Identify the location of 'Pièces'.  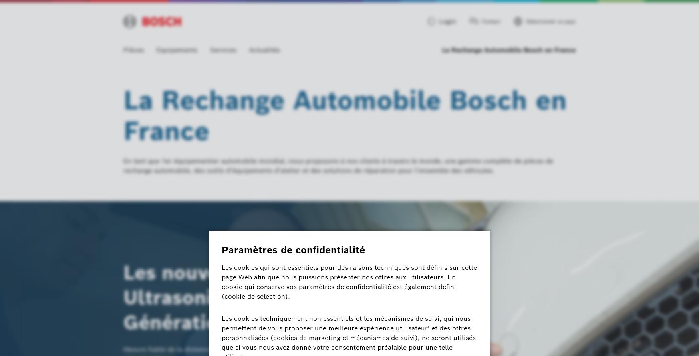
(133, 49).